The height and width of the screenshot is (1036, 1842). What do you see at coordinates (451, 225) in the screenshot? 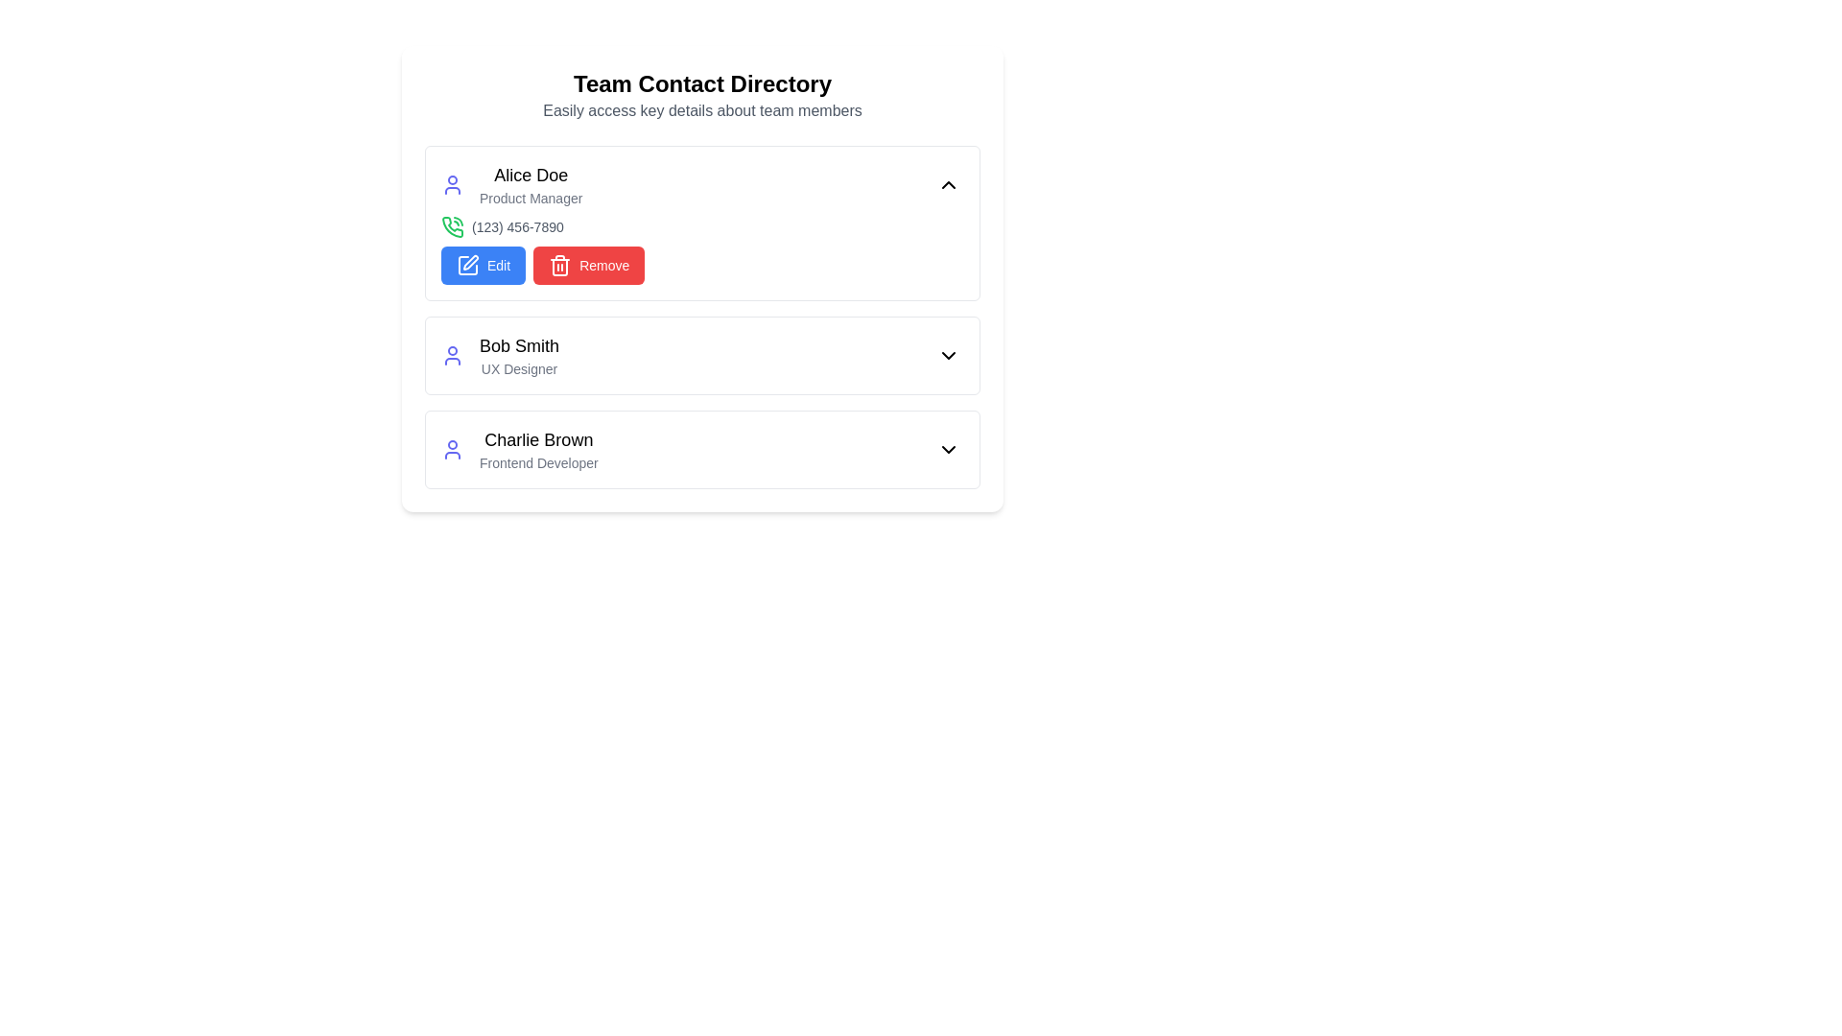
I see `the green phone call icon representing telephone functionality associated with the contact 'Alice Doe'` at bounding box center [451, 225].